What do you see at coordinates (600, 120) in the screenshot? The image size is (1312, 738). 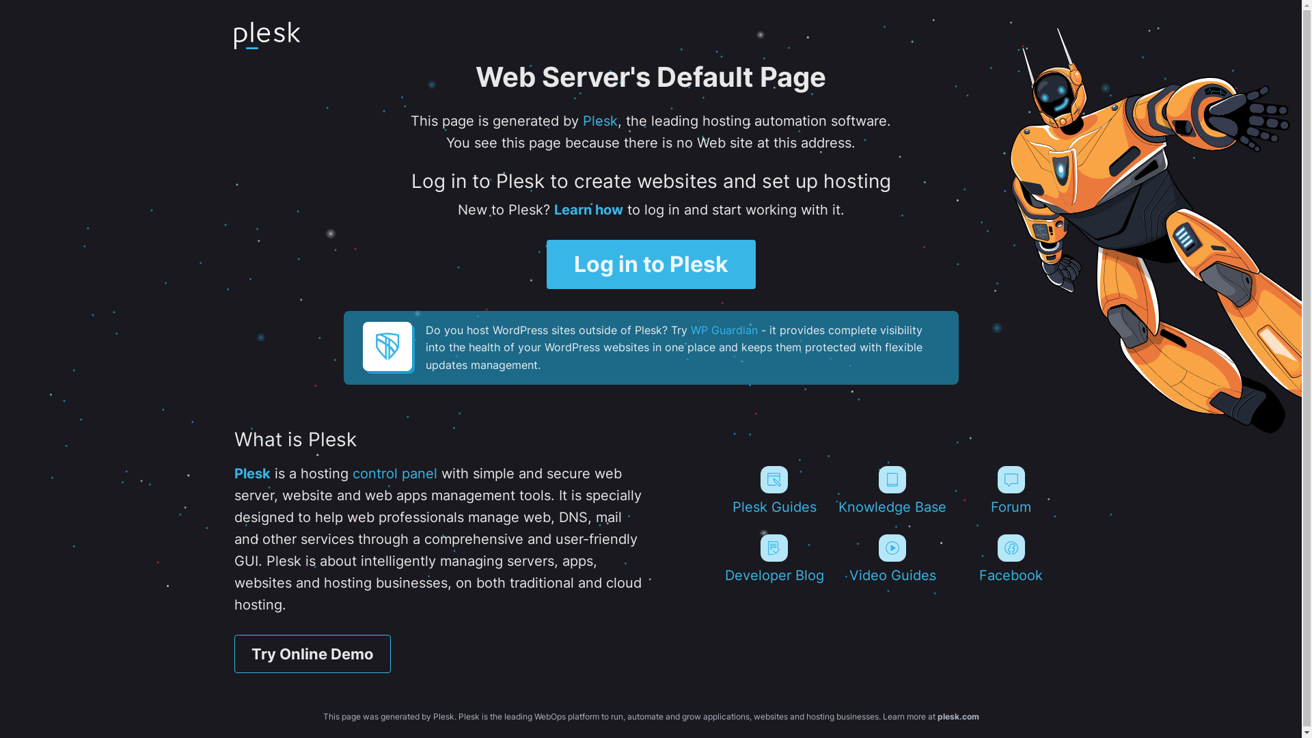 I see `'Plesk'` at bounding box center [600, 120].